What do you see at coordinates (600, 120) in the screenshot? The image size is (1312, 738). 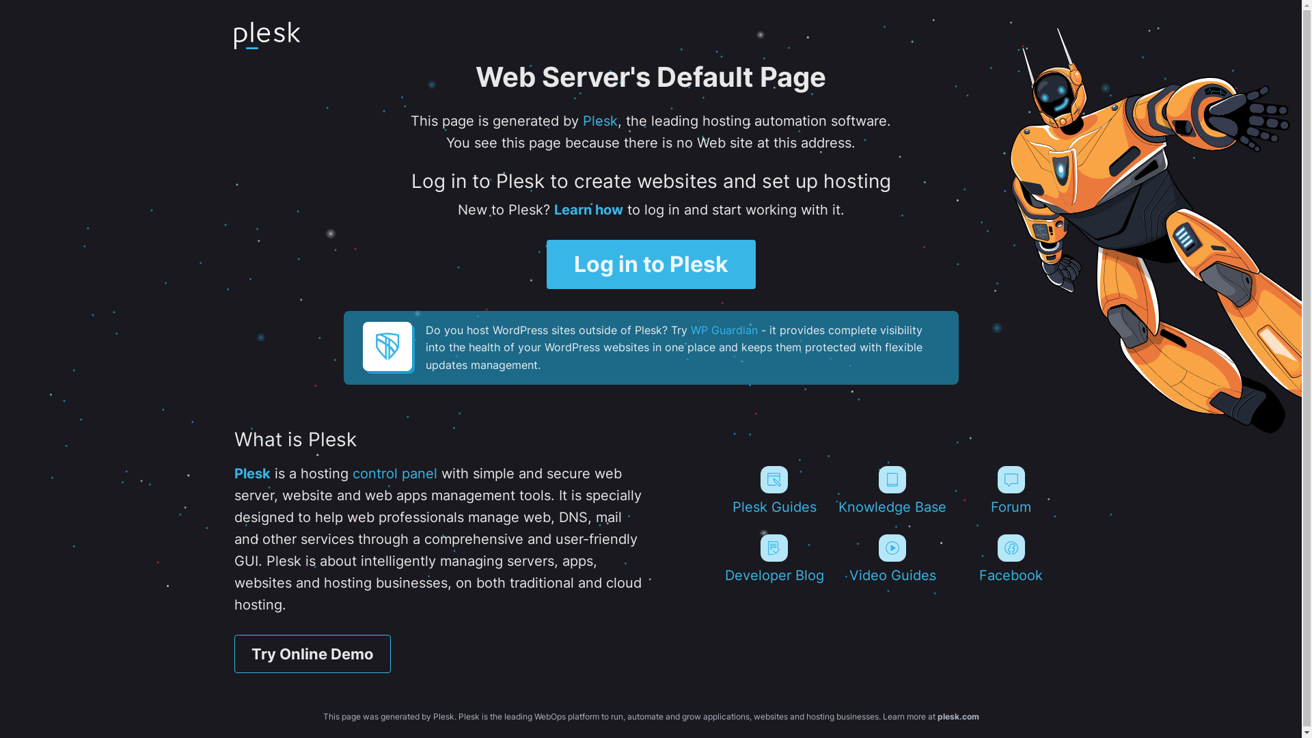 I see `'Plesk'` at bounding box center [600, 120].